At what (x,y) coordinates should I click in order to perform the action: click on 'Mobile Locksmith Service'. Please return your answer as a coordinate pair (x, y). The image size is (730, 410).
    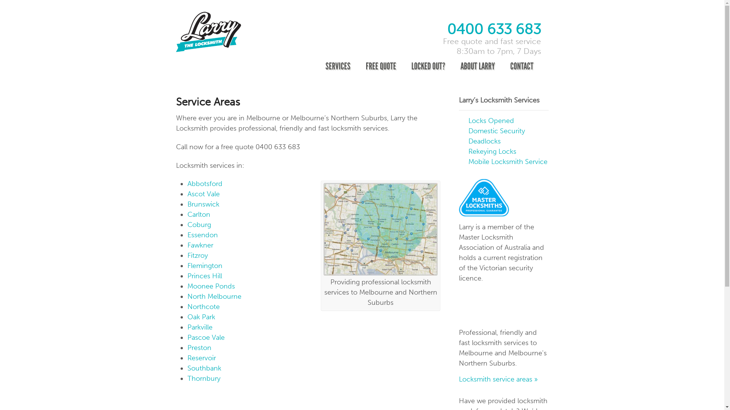
    Looking at the image, I should click on (508, 161).